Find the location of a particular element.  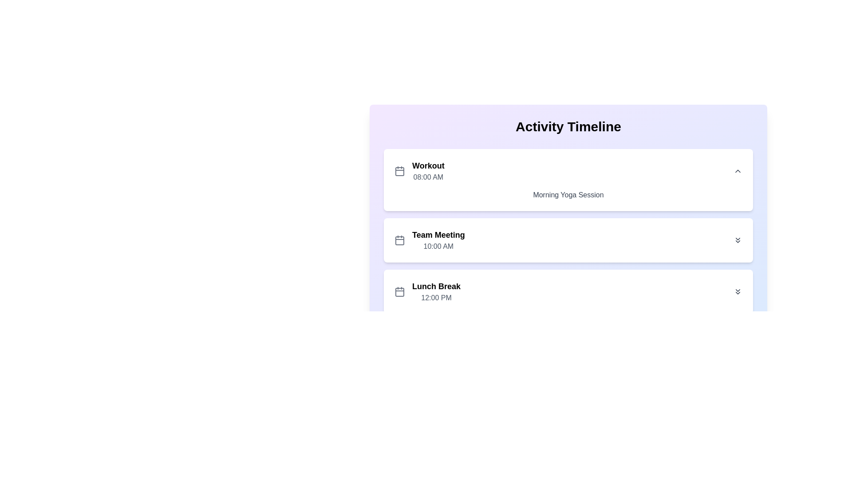

the 'Lunch Break' event label displaying the time '12:00 PM', which is the third entry in the vertical list under the 'Activity Timeline' section is located at coordinates (436, 292).